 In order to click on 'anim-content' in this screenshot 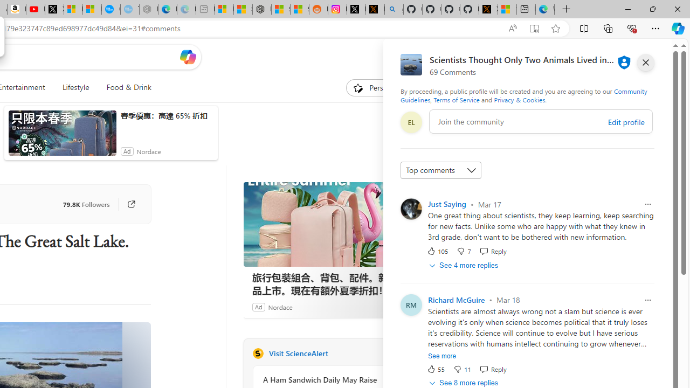, I will do `click(61, 137)`.